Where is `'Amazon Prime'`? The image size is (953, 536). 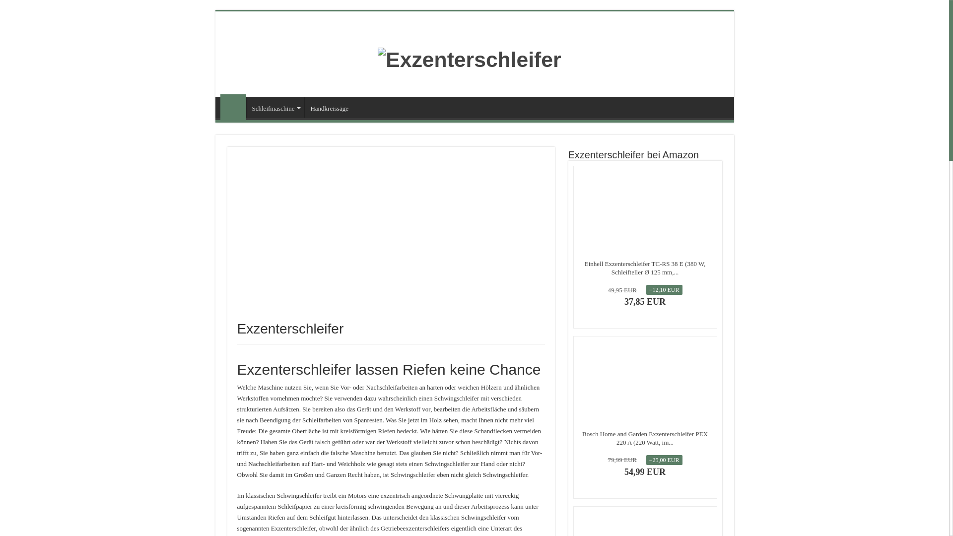 'Amazon Prime' is located at coordinates (645, 313).